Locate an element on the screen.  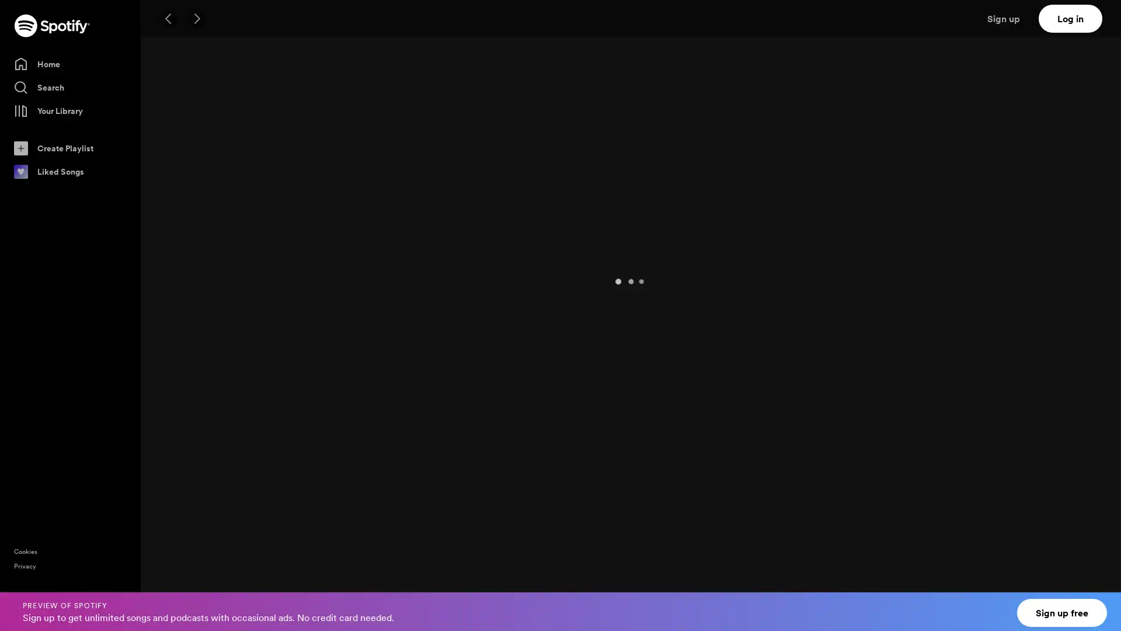
Play Kakashi by ARAGON is located at coordinates (173, 405).